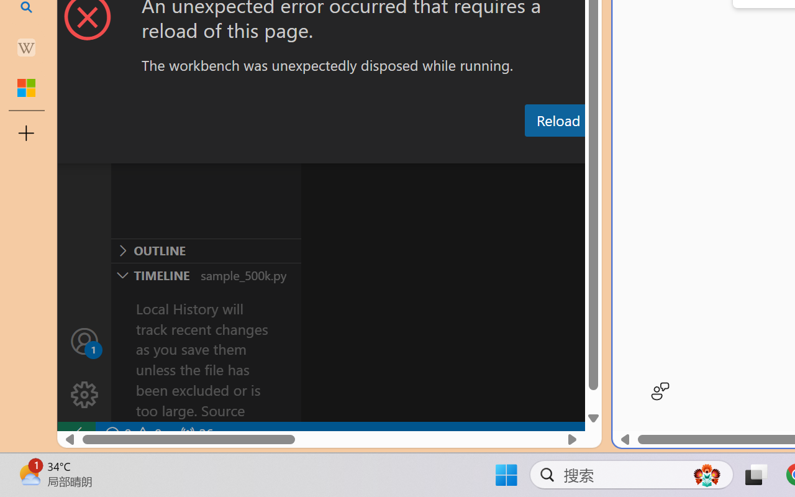 This screenshot has width=795, height=497. What do you see at coordinates (206, 274) in the screenshot?
I see `'Timeline Section'` at bounding box center [206, 274].